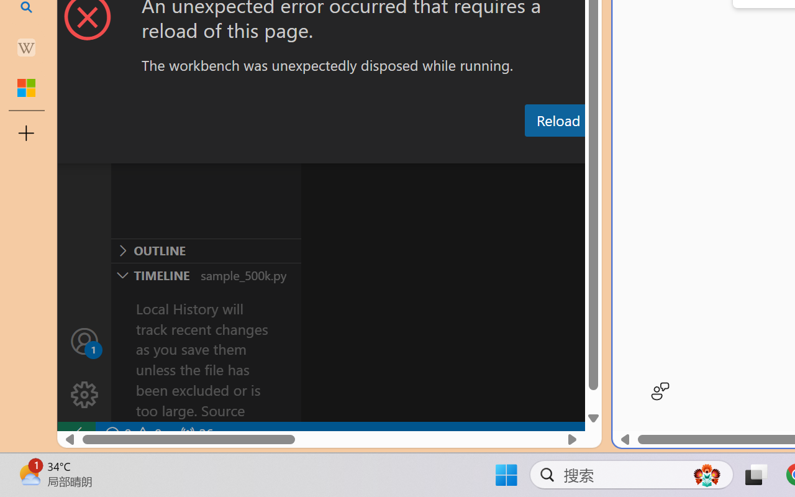 This screenshot has width=795, height=497. What do you see at coordinates (206, 274) in the screenshot?
I see `'Timeline Section'` at bounding box center [206, 274].